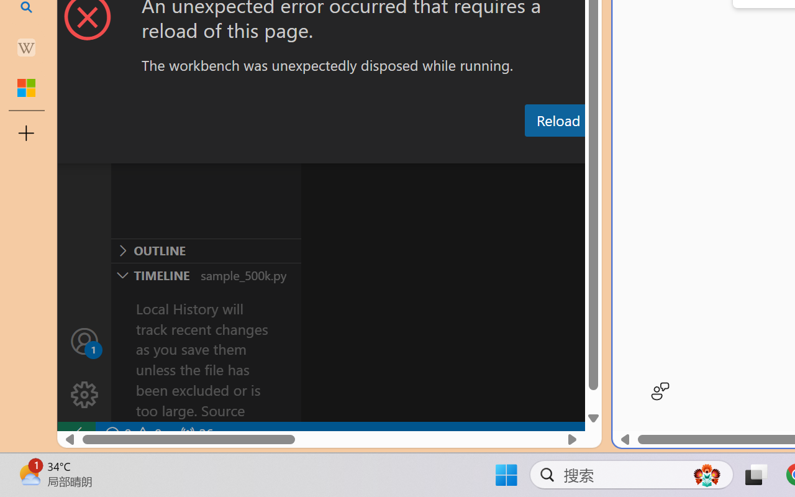 This screenshot has width=795, height=497. What do you see at coordinates (206, 274) in the screenshot?
I see `'Timeline Section'` at bounding box center [206, 274].